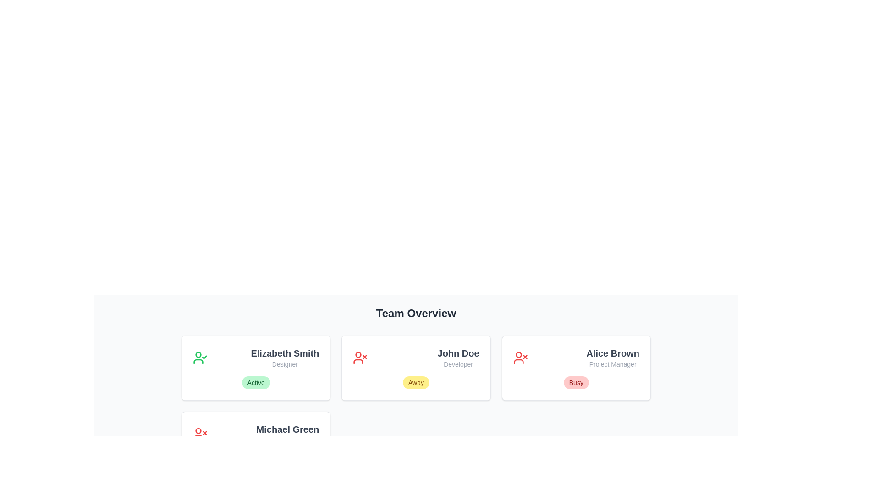 The image size is (880, 495). What do you see at coordinates (284, 357) in the screenshot?
I see `the text display element containing the name 'Elizabeth Smith'` at bounding box center [284, 357].